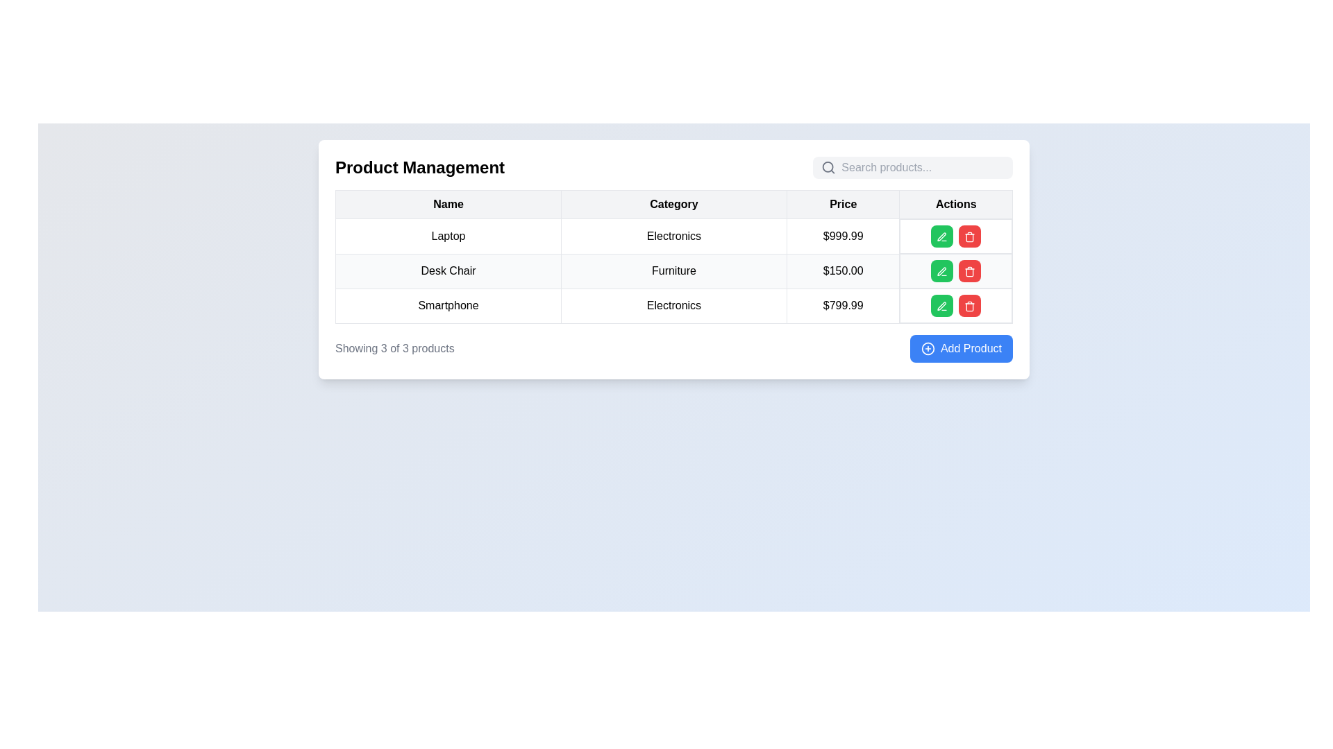 This screenshot has height=749, width=1333. I want to click on the table cell that identifies the product name 'Laptop', located in the first cell under the 'Name' column of the table, so click(448, 235).